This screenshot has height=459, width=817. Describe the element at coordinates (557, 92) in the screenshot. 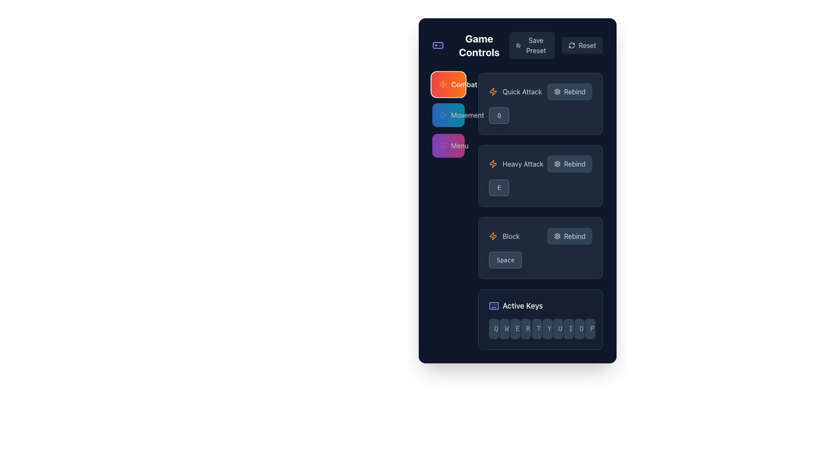

I see `the icon button adjacent to the text label 'Rebind'` at that location.